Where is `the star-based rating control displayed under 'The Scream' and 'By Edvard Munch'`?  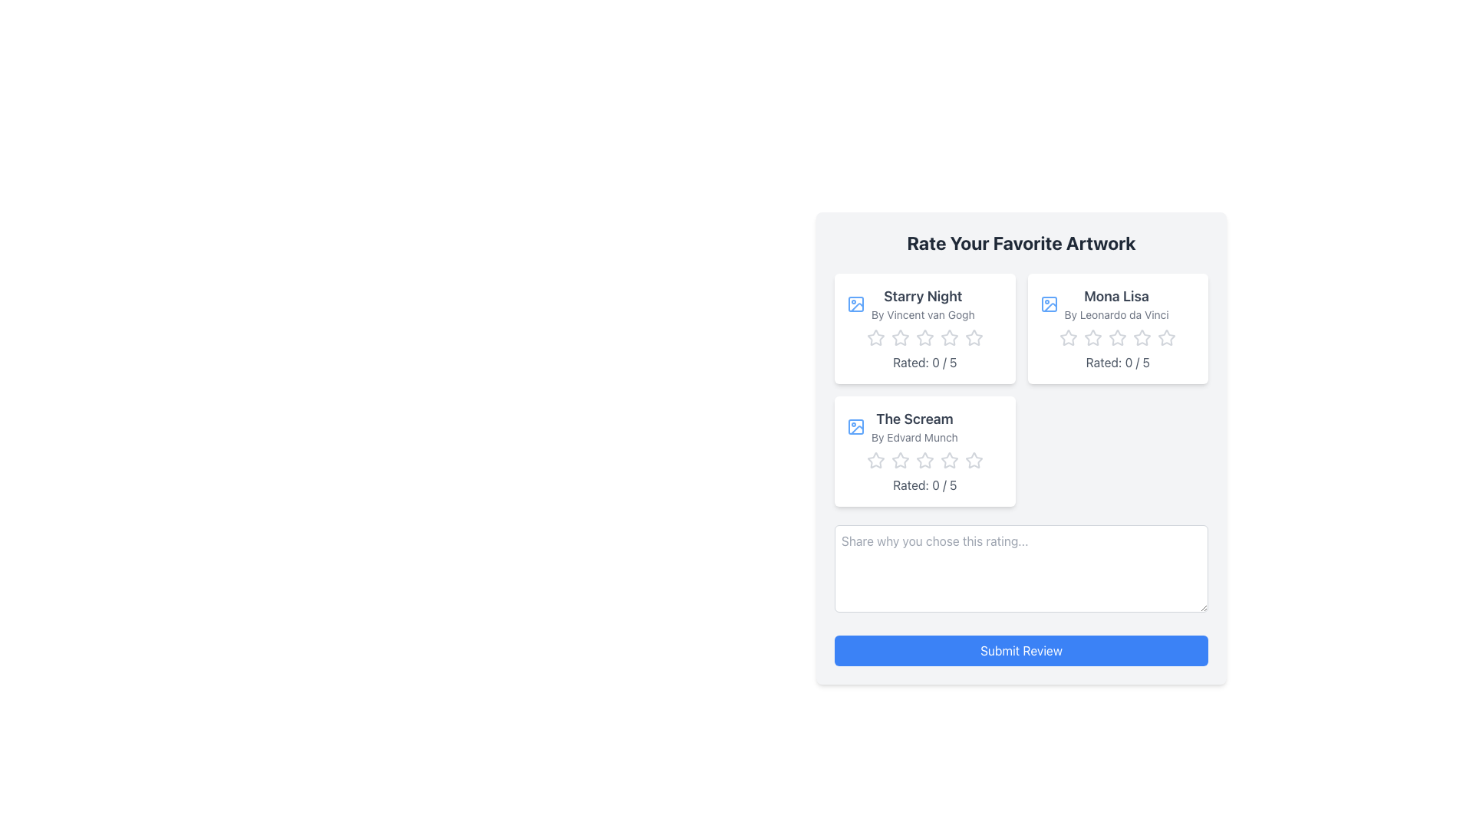 the star-based rating control displayed under 'The Scream' and 'By Edvard Munch' is located at coordinates (924, 460).